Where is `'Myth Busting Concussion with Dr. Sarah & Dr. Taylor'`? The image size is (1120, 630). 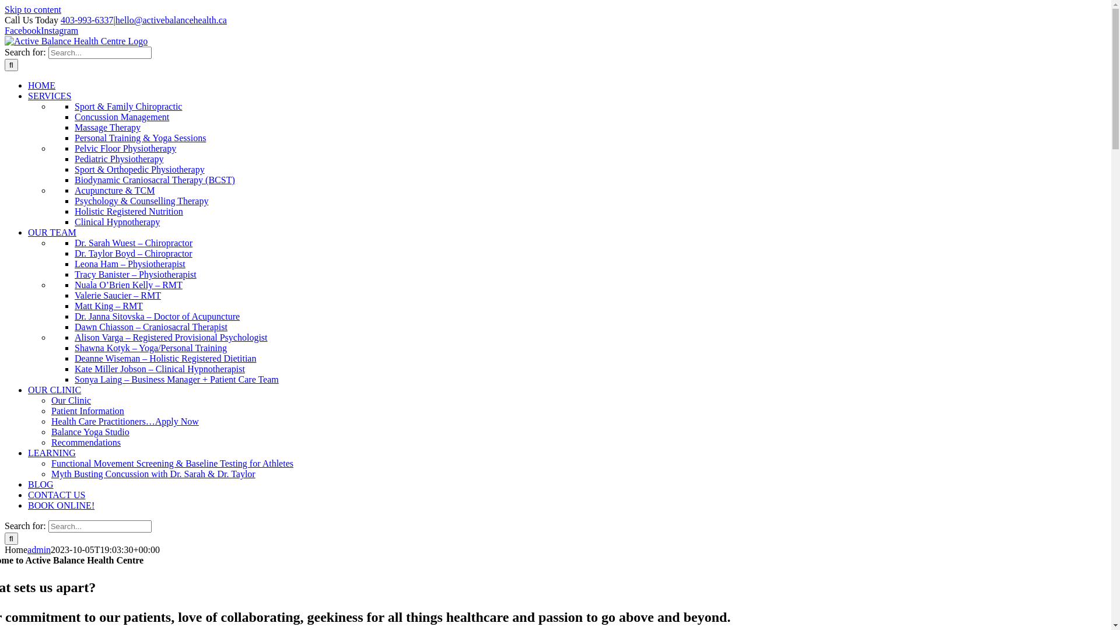 'Myth Busting Concussion with Dr. Sarah & Dr. Taylor' is located at coordinates (153, 474).